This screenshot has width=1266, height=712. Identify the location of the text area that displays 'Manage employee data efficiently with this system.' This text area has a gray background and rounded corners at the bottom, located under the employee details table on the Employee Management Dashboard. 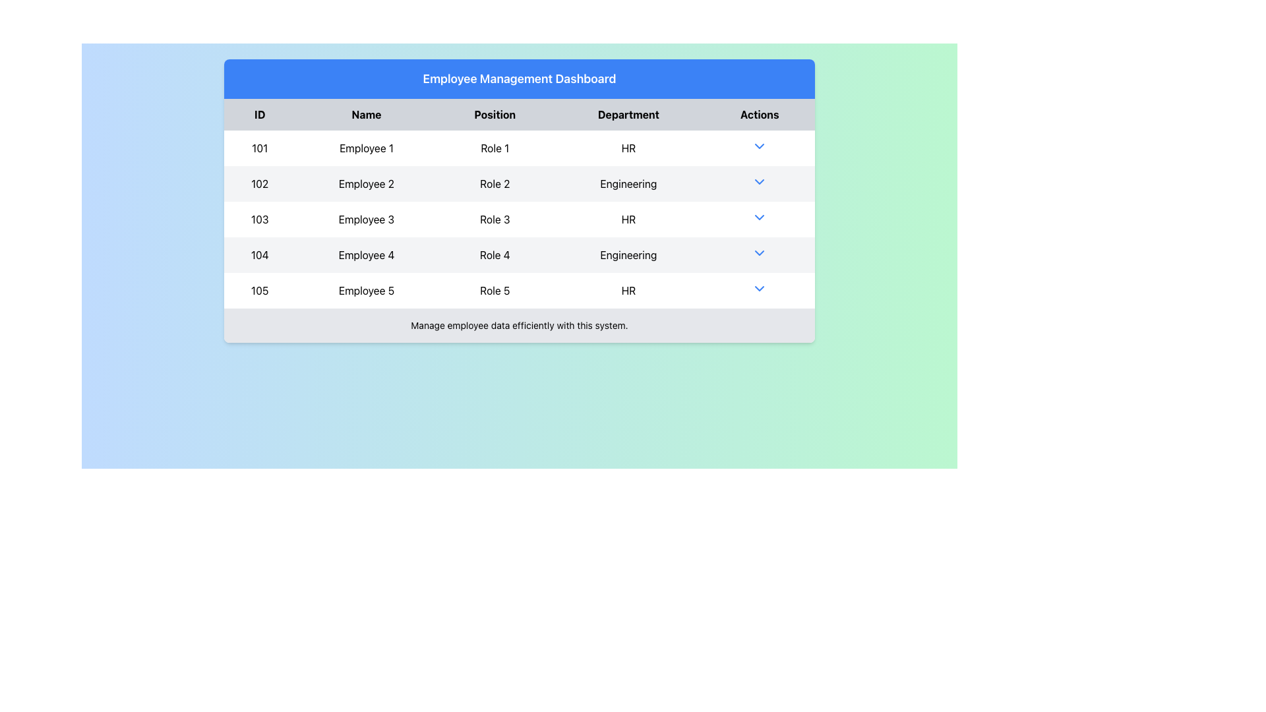
(518, 325).